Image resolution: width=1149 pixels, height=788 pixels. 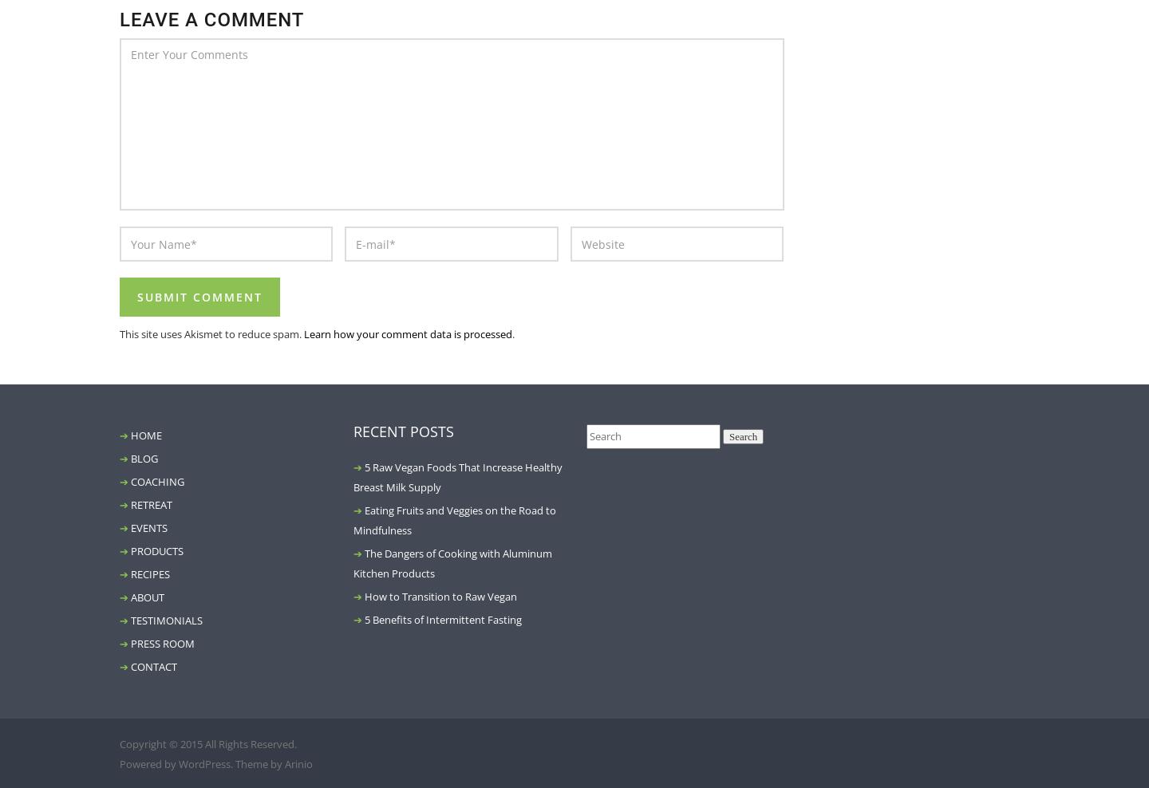 I want to click on 'CONTACT', so click(x=153, y=667).